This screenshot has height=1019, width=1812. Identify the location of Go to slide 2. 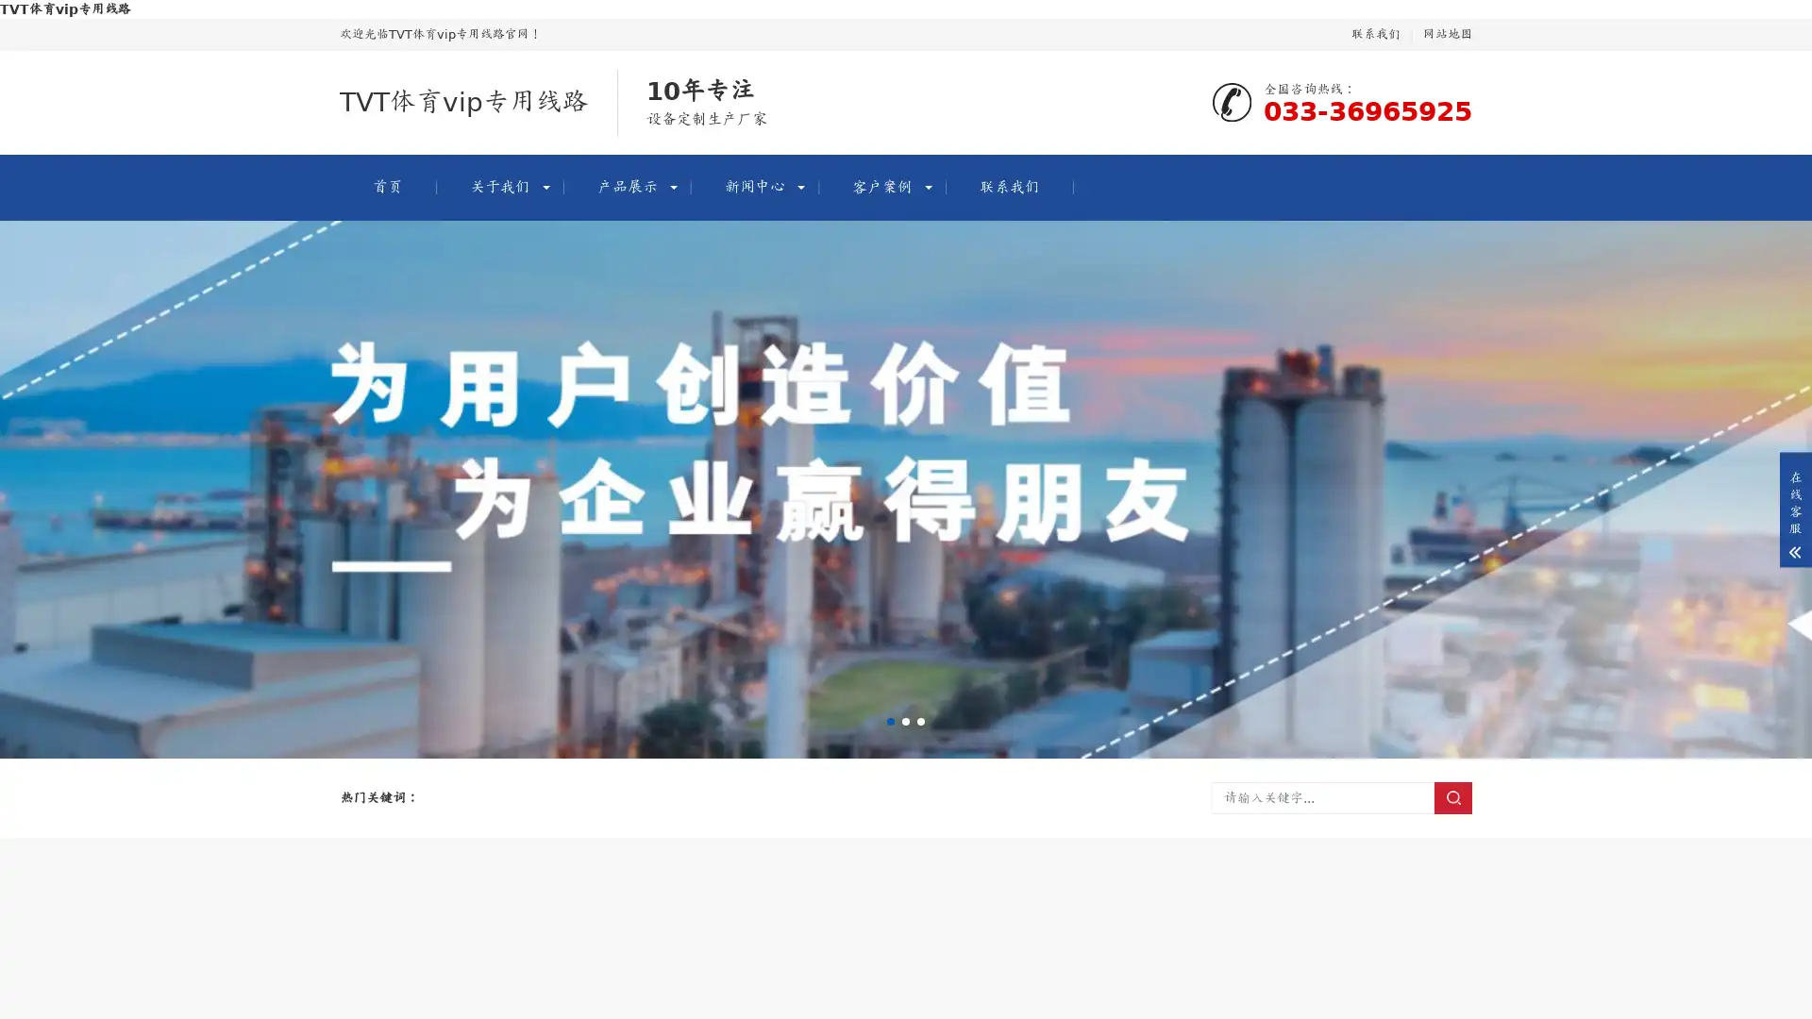
(906, 721).